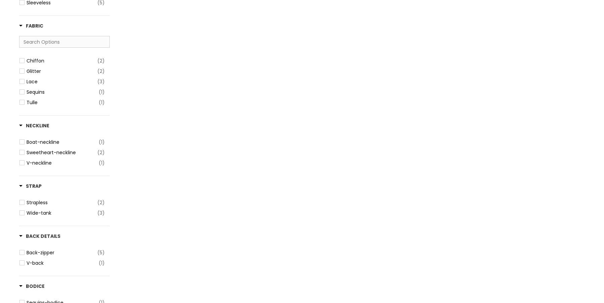 The image size is (604, 303). What do you see at coordinates (34, 26) in the screenshot?
I see `'Fabric'` at bounding box center [34, 26].